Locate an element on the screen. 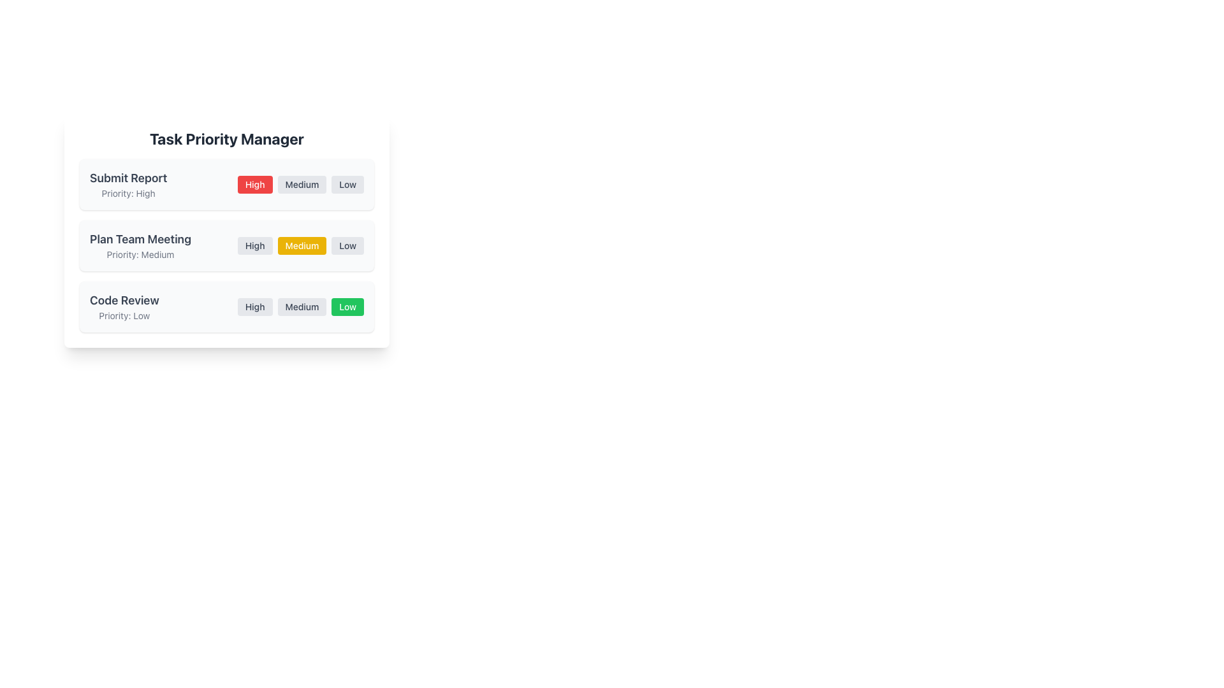  the 'Medium' priority button, which is a rounded rectangular badge with a yellow background and white bold text is located at coordinates (302, 245).